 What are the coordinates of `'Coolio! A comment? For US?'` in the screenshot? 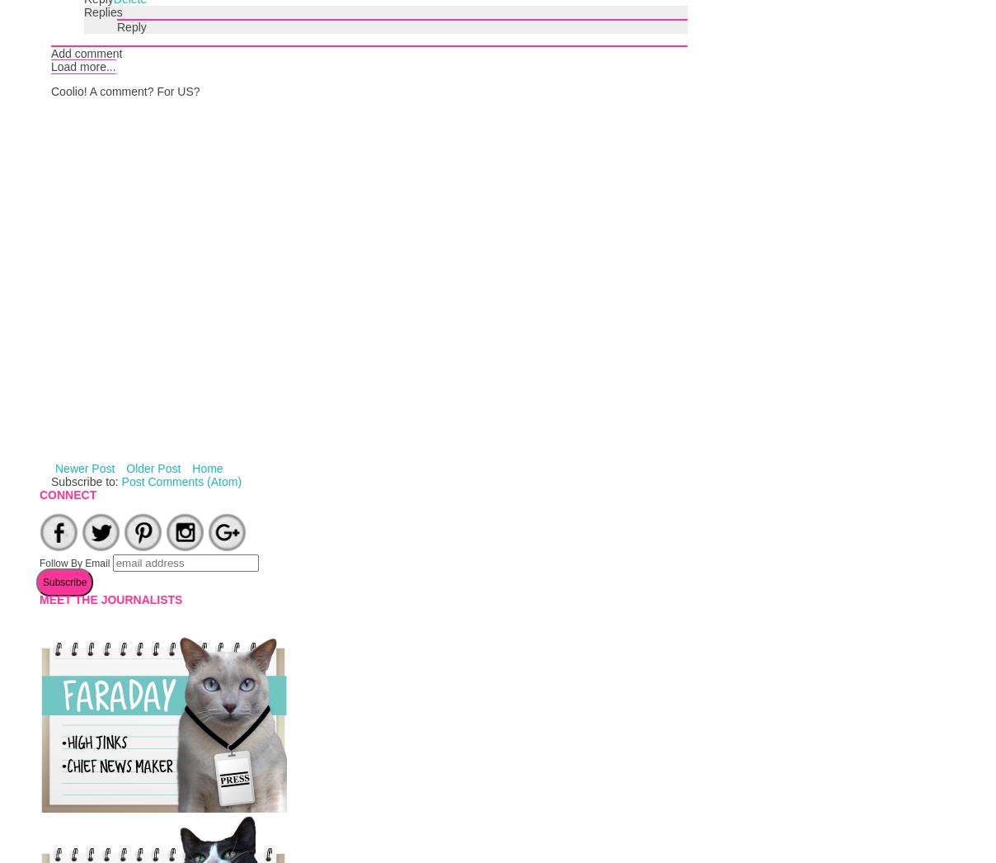 It's located at (124, 90).